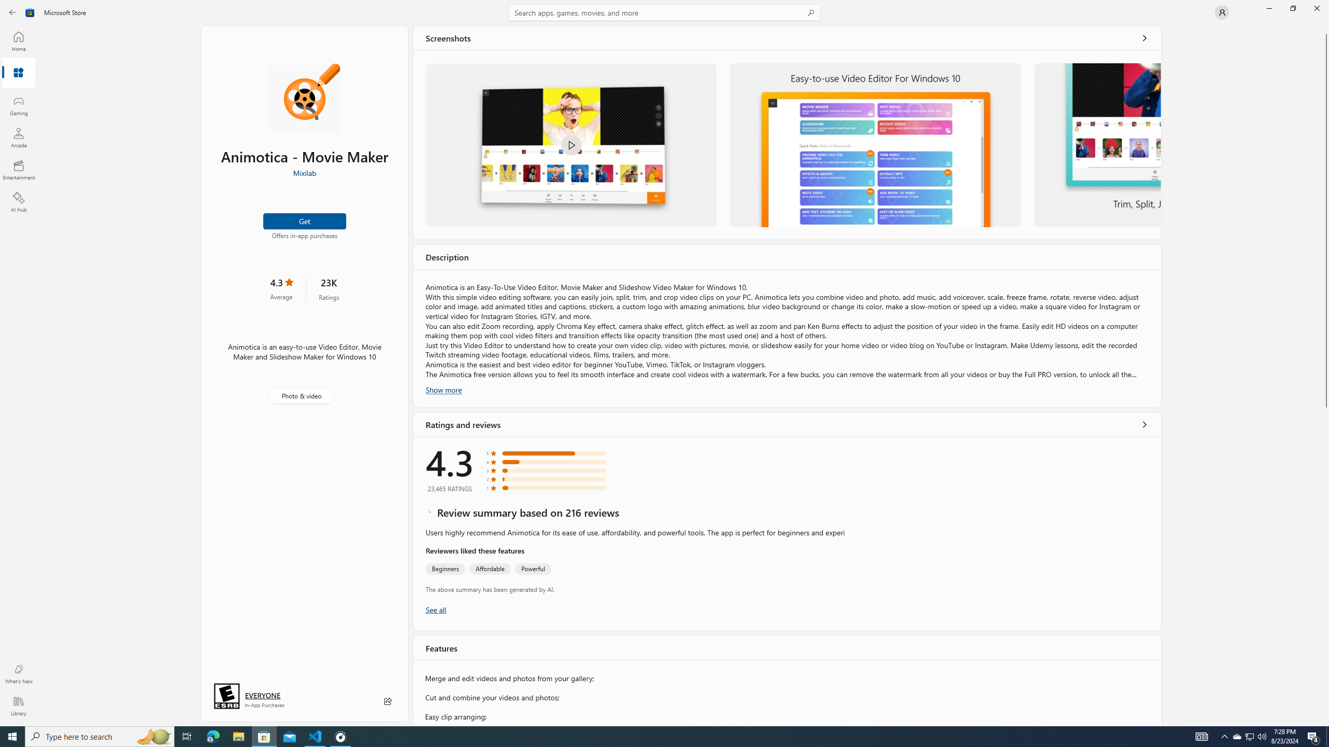 Image resolution: width=1329 pixels, height=747 pixels. Describe the element at coordinates (664, 12) in the screenshot. I see `'Search'` at that location.